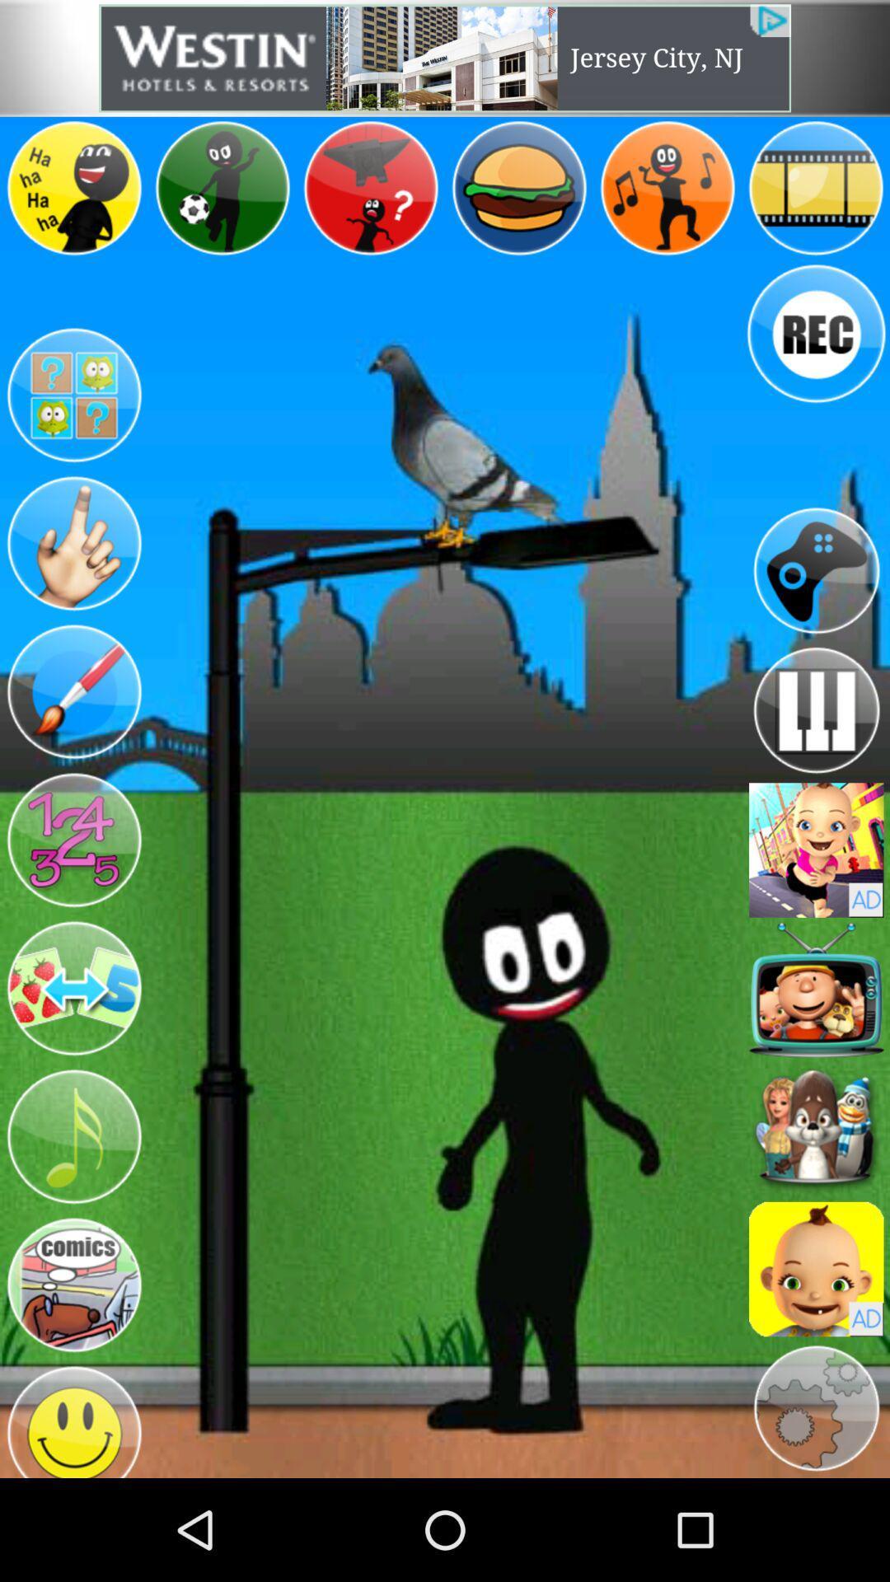  I want to click on settings app, so click(816, 1407).